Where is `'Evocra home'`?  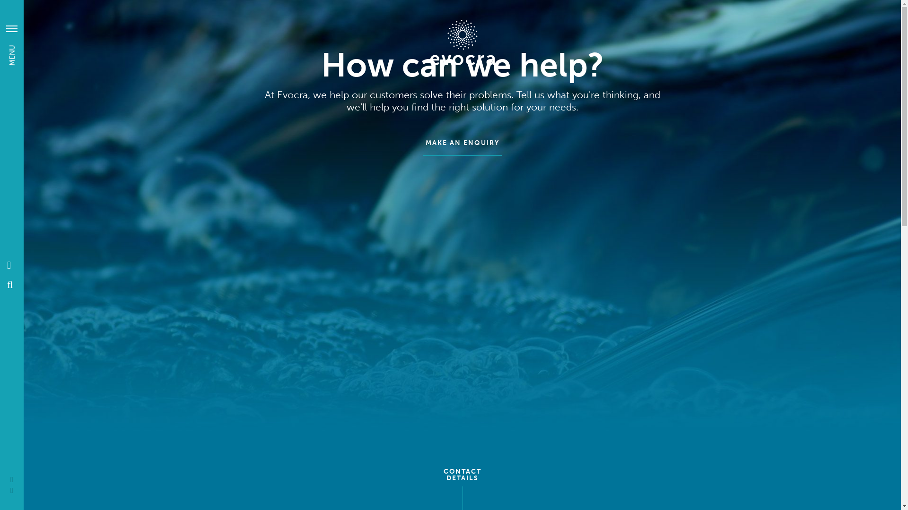
'Evocra home' is located at coordinates (462, 42).